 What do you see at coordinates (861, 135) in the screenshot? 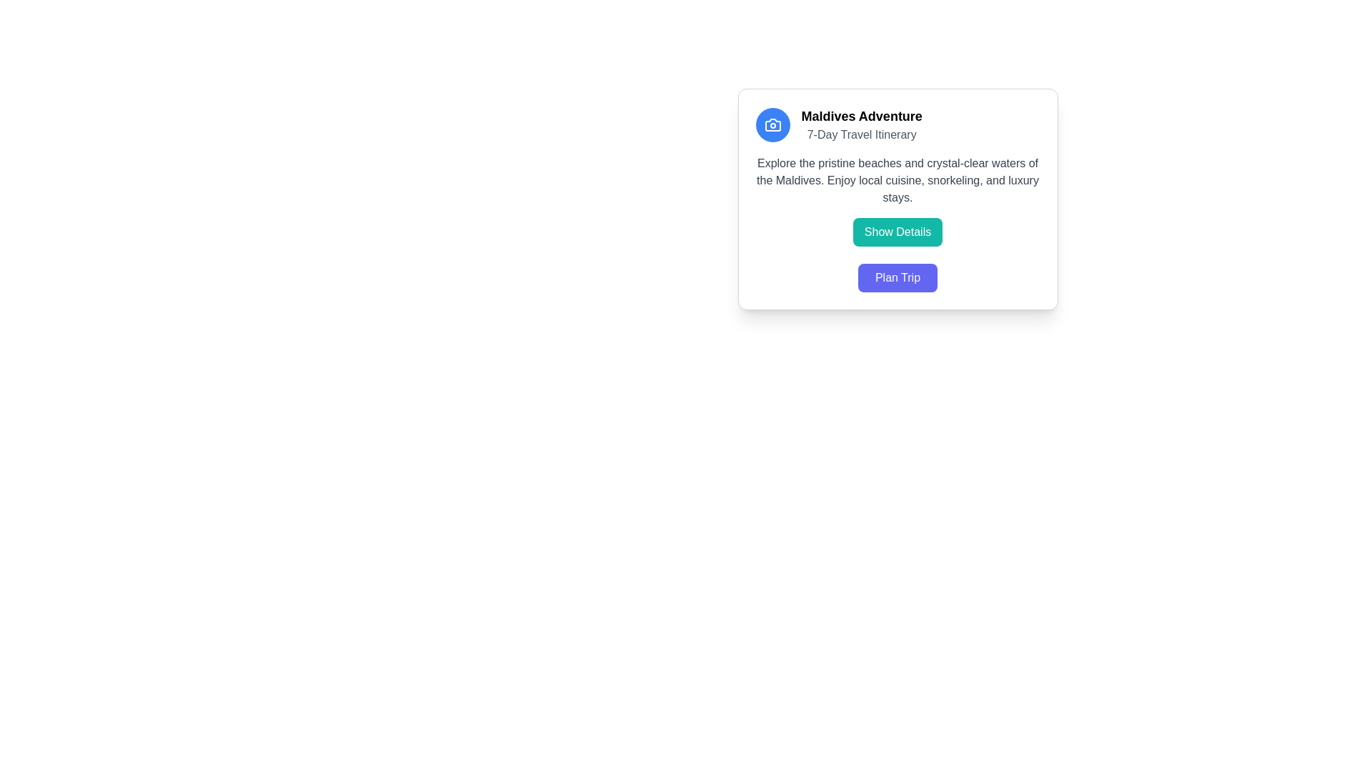
I see `subtitle text '7-Day Travel Itinerary' located below the main title 'Maldives Adventure' within a card layout` at bounding box center [861, 135].